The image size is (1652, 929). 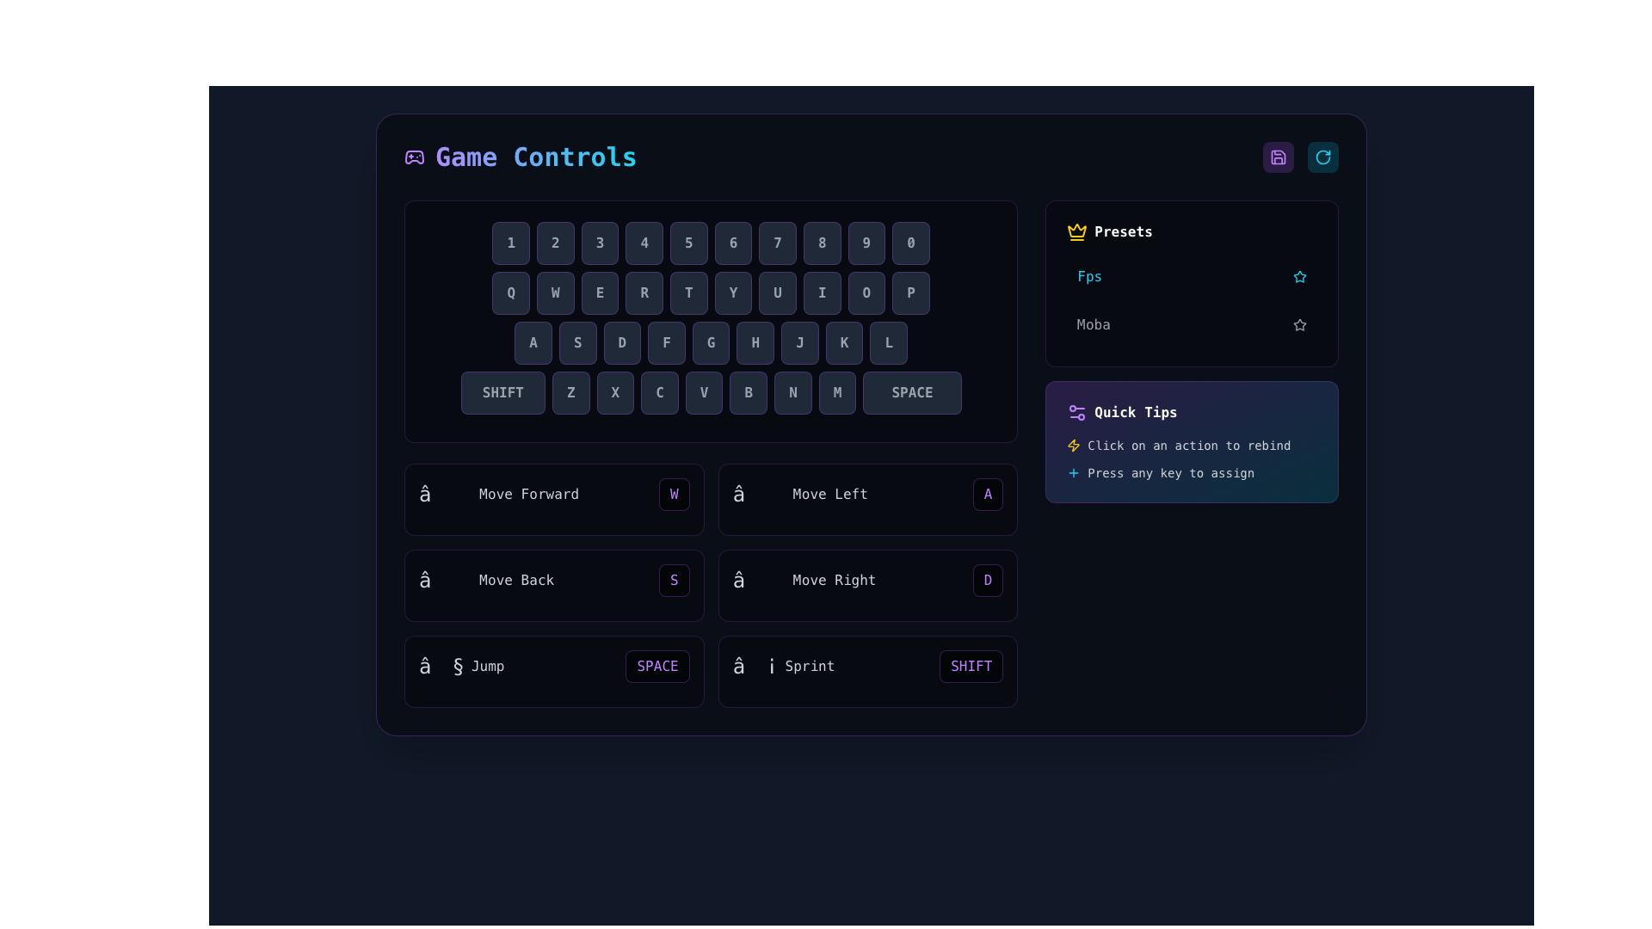 What do you see at coordinates (1300, 325) in the screenshot?
I see `the star-shaped icon to the right of the text 'Moba'` at bounding box center [1300, 325].